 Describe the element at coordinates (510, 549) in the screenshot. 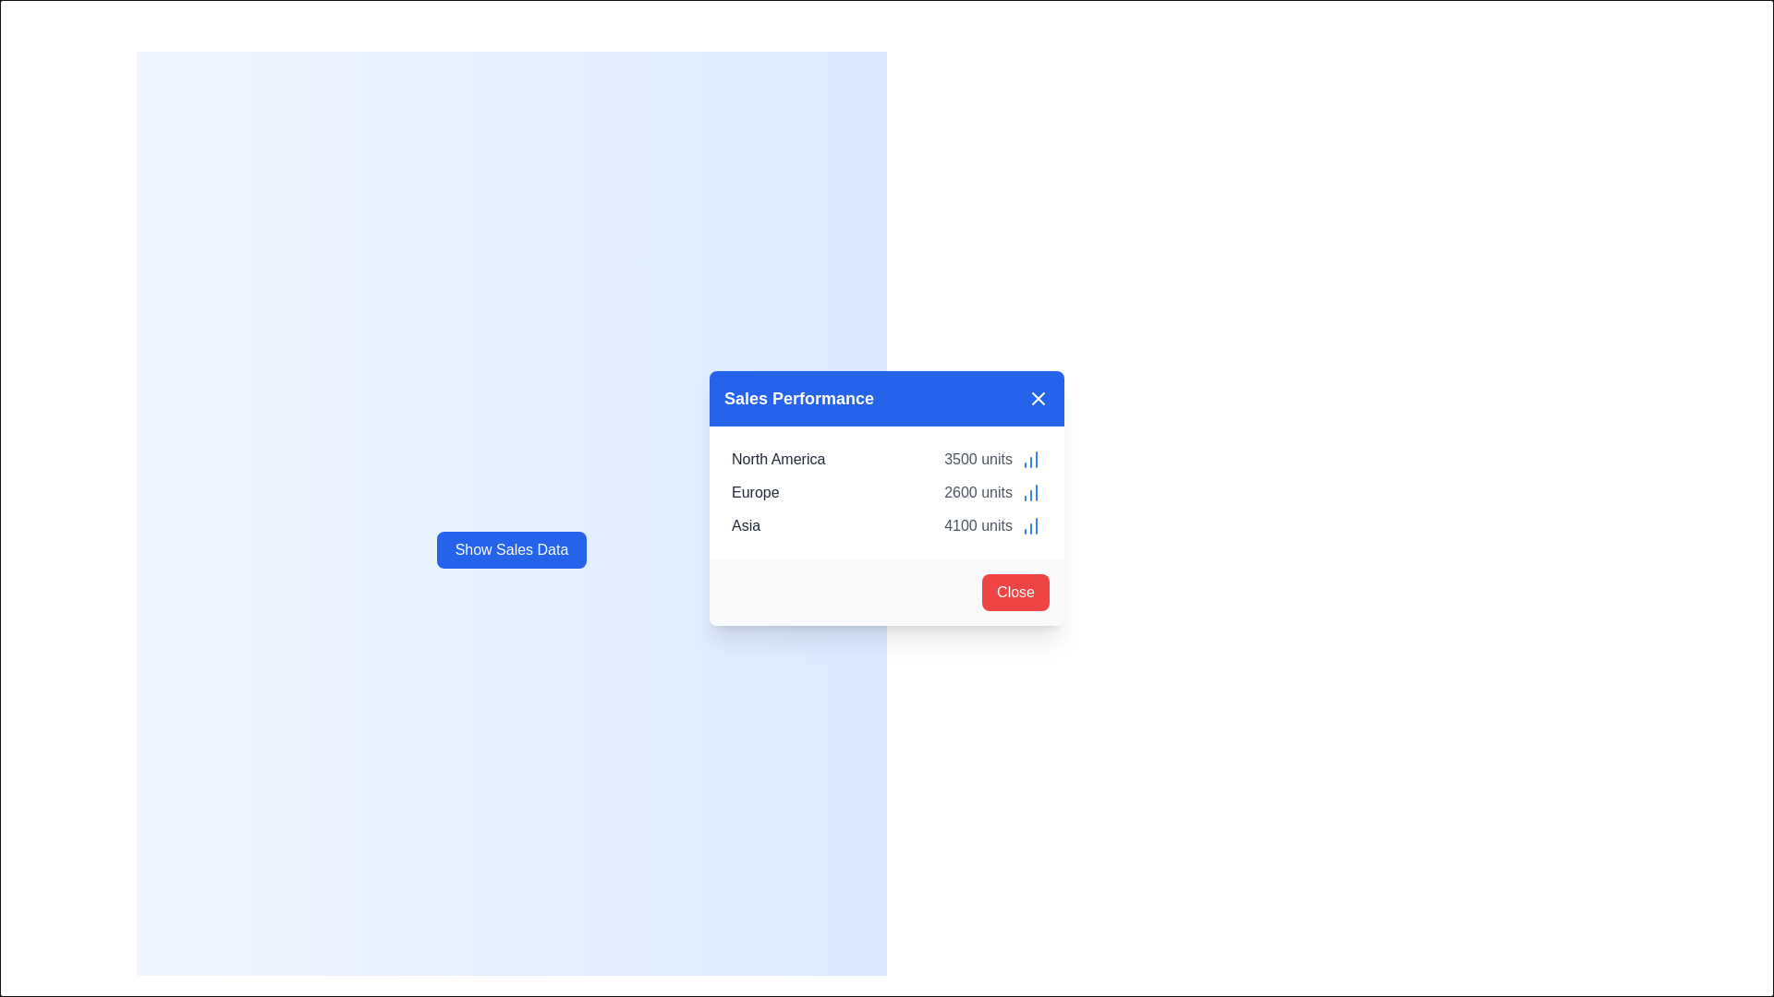

I see `the 'Show Sales Data' button to open the sales data dialog` at that location.